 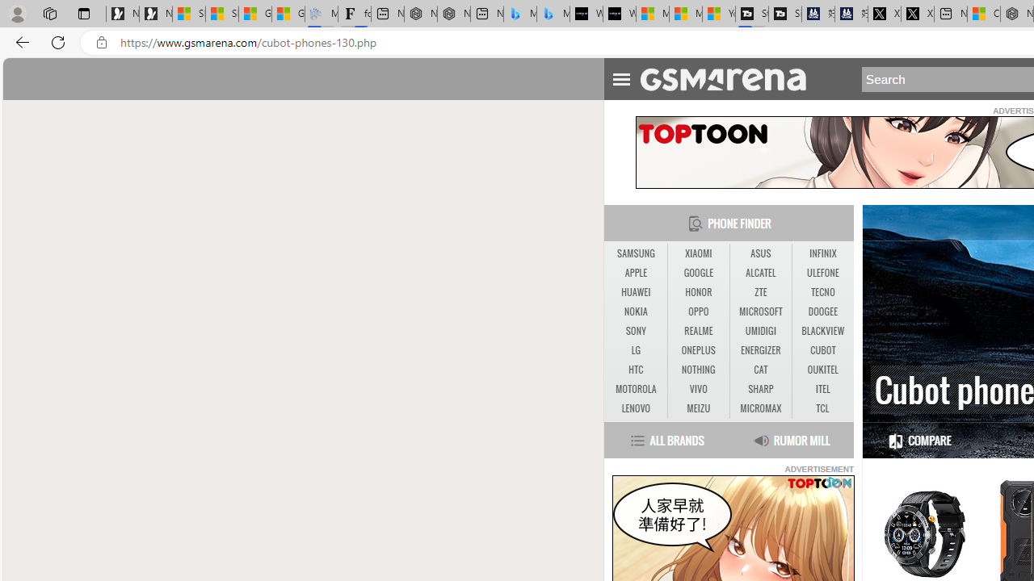 What do you see at coordinates (822, 312) in the screenshot?
I see `'DOOGEE'` at bounding box center [822, 312].